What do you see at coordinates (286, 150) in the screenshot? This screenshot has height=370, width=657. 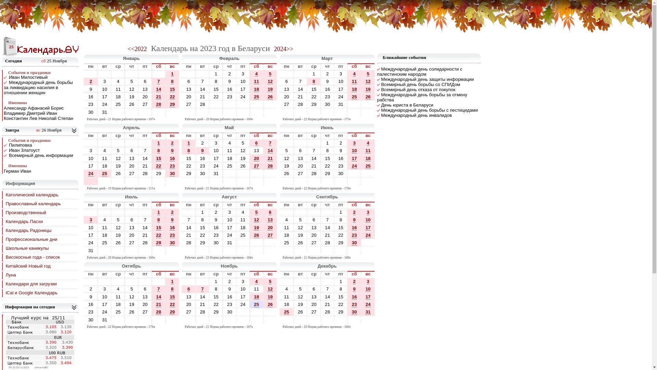 I see `'5'` at bounding box center [286, 150].